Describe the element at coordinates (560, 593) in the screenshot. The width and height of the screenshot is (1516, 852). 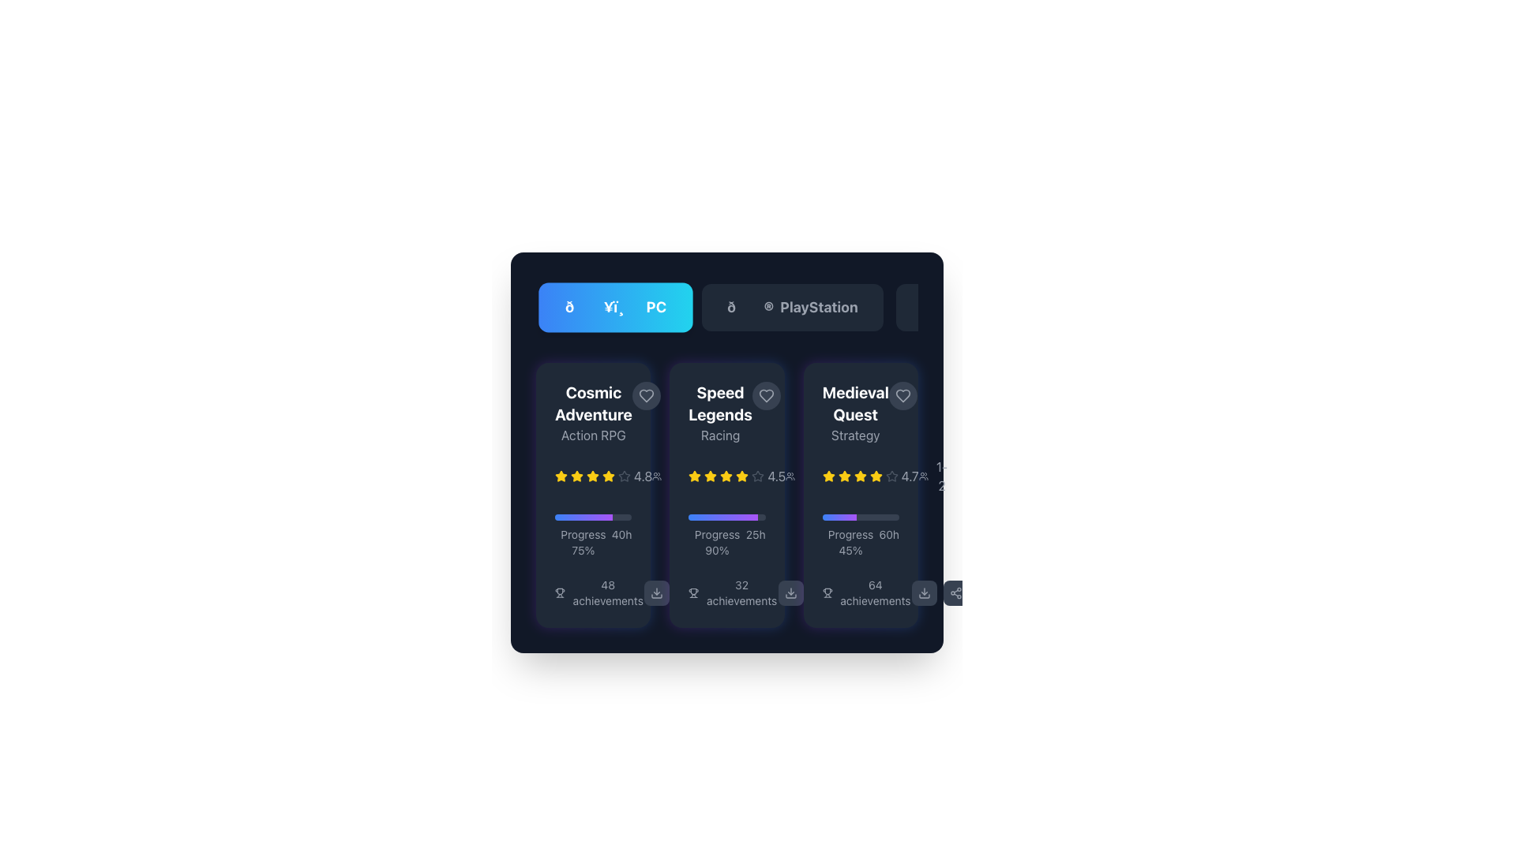
I see `the achievement indicator icon located on the leftmost card in the lower section of the interface, positioned at the top-left corner of the text stating '48 achievements'` at that location.